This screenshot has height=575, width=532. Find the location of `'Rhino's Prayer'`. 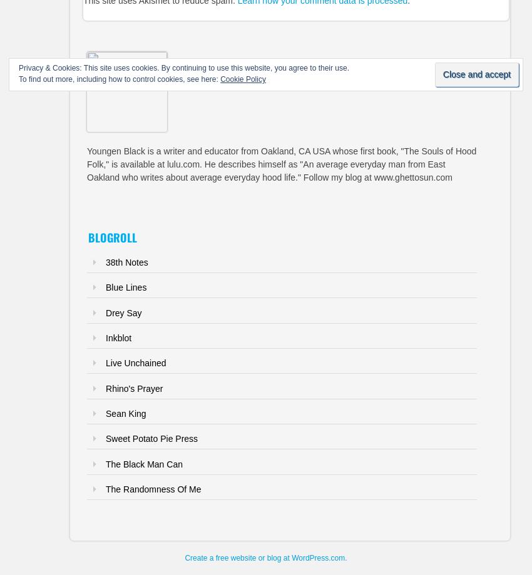

'Rhino's Prayer' is located at coordinates (105, 387).